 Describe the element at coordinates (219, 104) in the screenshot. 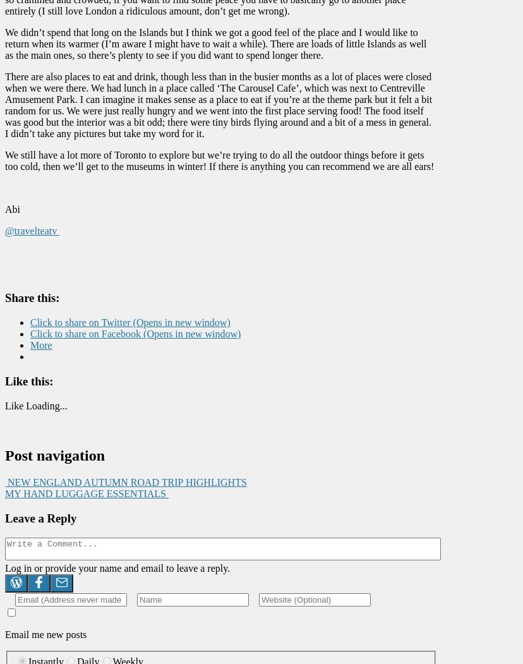

I see `'There are also places to eat and drink, though less than in the busier months as a lot of places were closed when we were there. We had lunch in a place called ‘The Carousel Cafe’, which was next to Centreville Amusement Park. I can imagine it makes sense as a place to eat if you’re at the theme park but it felt a bit random for us. We were just really hungry and we went into the first place serving food! The food itself was good but the interior was a bit odd; there were tiny birds flying around and a bit of a mess in general. I didn’t take any pictures but take my word for it.'` at that location.